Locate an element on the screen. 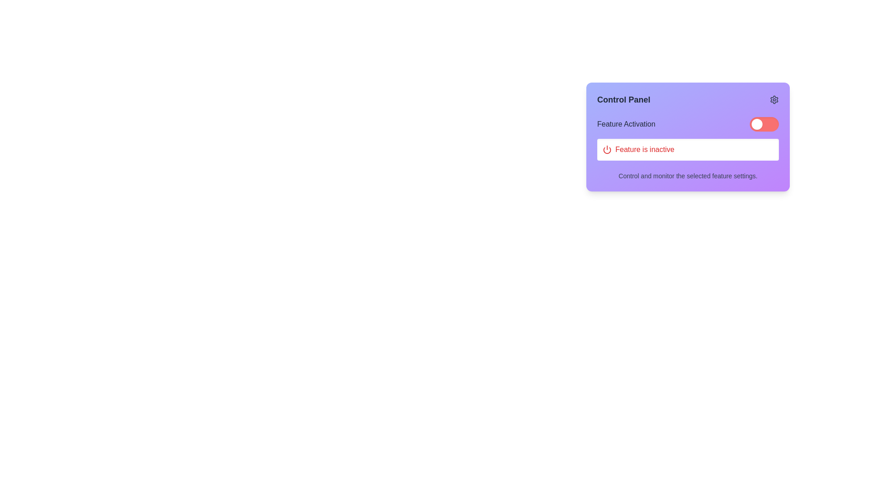 The width and height of the screenshot is (872, 490). the text label that reads 'Control and monitor the selected feature settings.' located at the bottom of a rectangular card with a gradient purple background is located at coordinates (688, 176).